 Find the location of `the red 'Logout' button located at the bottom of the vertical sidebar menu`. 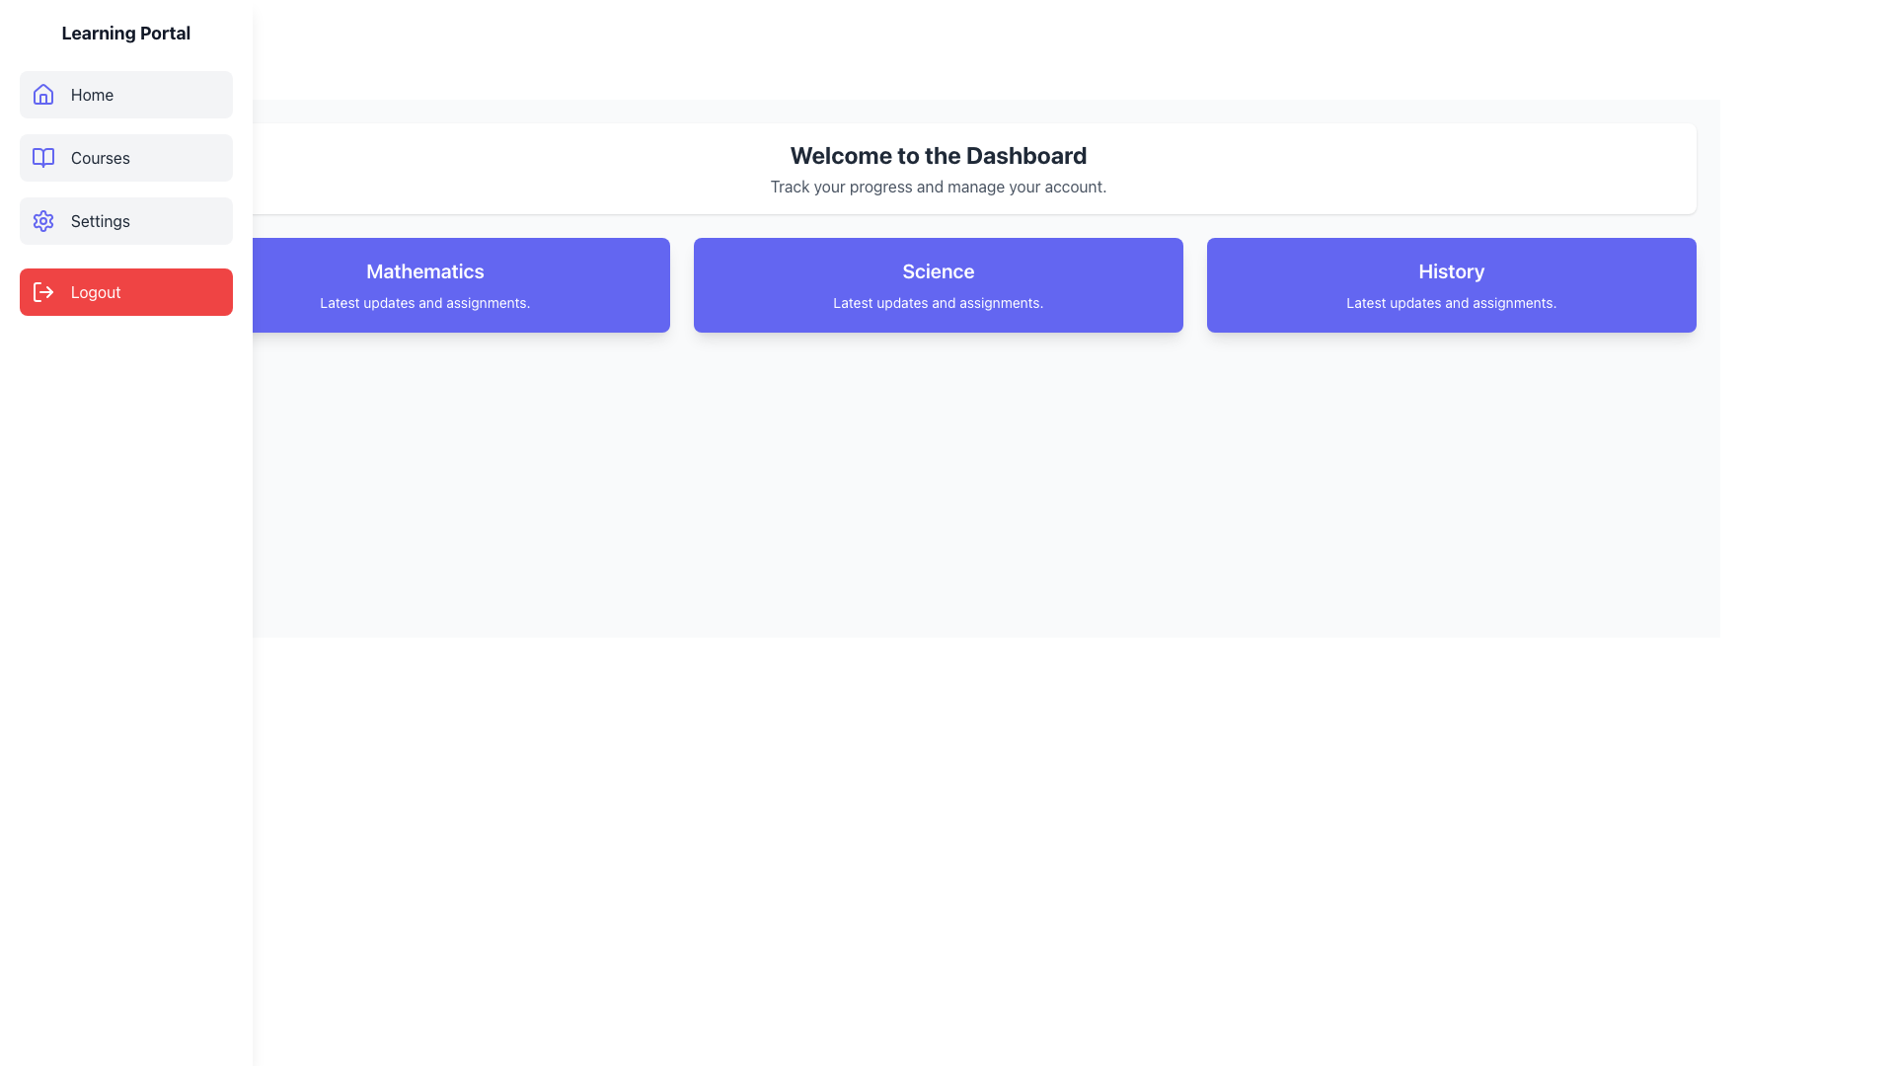

the red 'Logout' button located at the bottom of the vertical sidebar menu is located at coordinates (125, 292).